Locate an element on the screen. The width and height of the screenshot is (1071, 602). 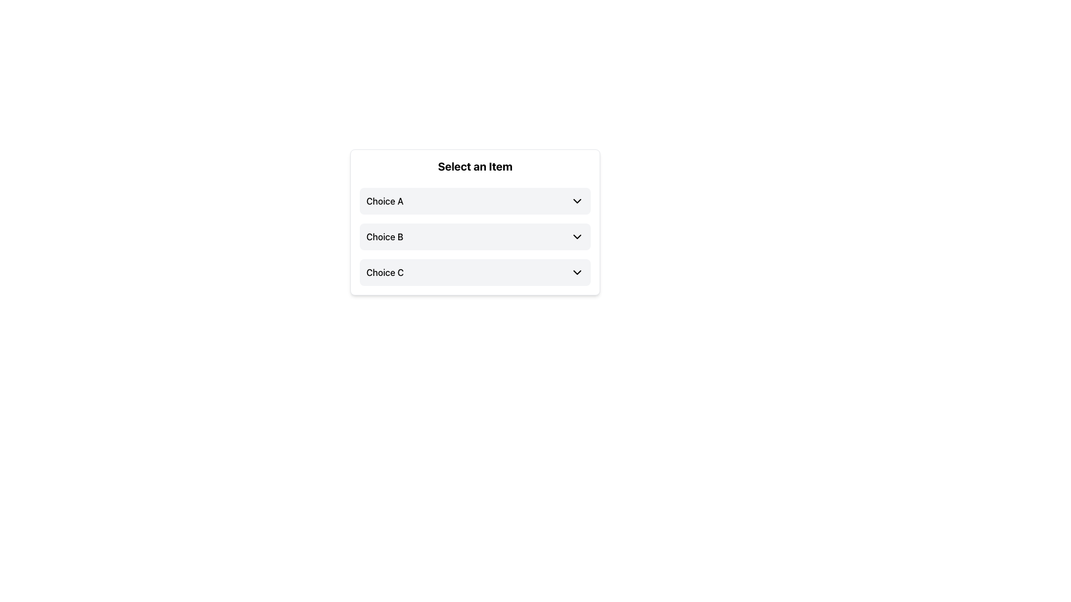
text label displaying 'Choice C' which is part of a dropdown selection interface, located within the third item of the list is located at coordinates (385, 273).